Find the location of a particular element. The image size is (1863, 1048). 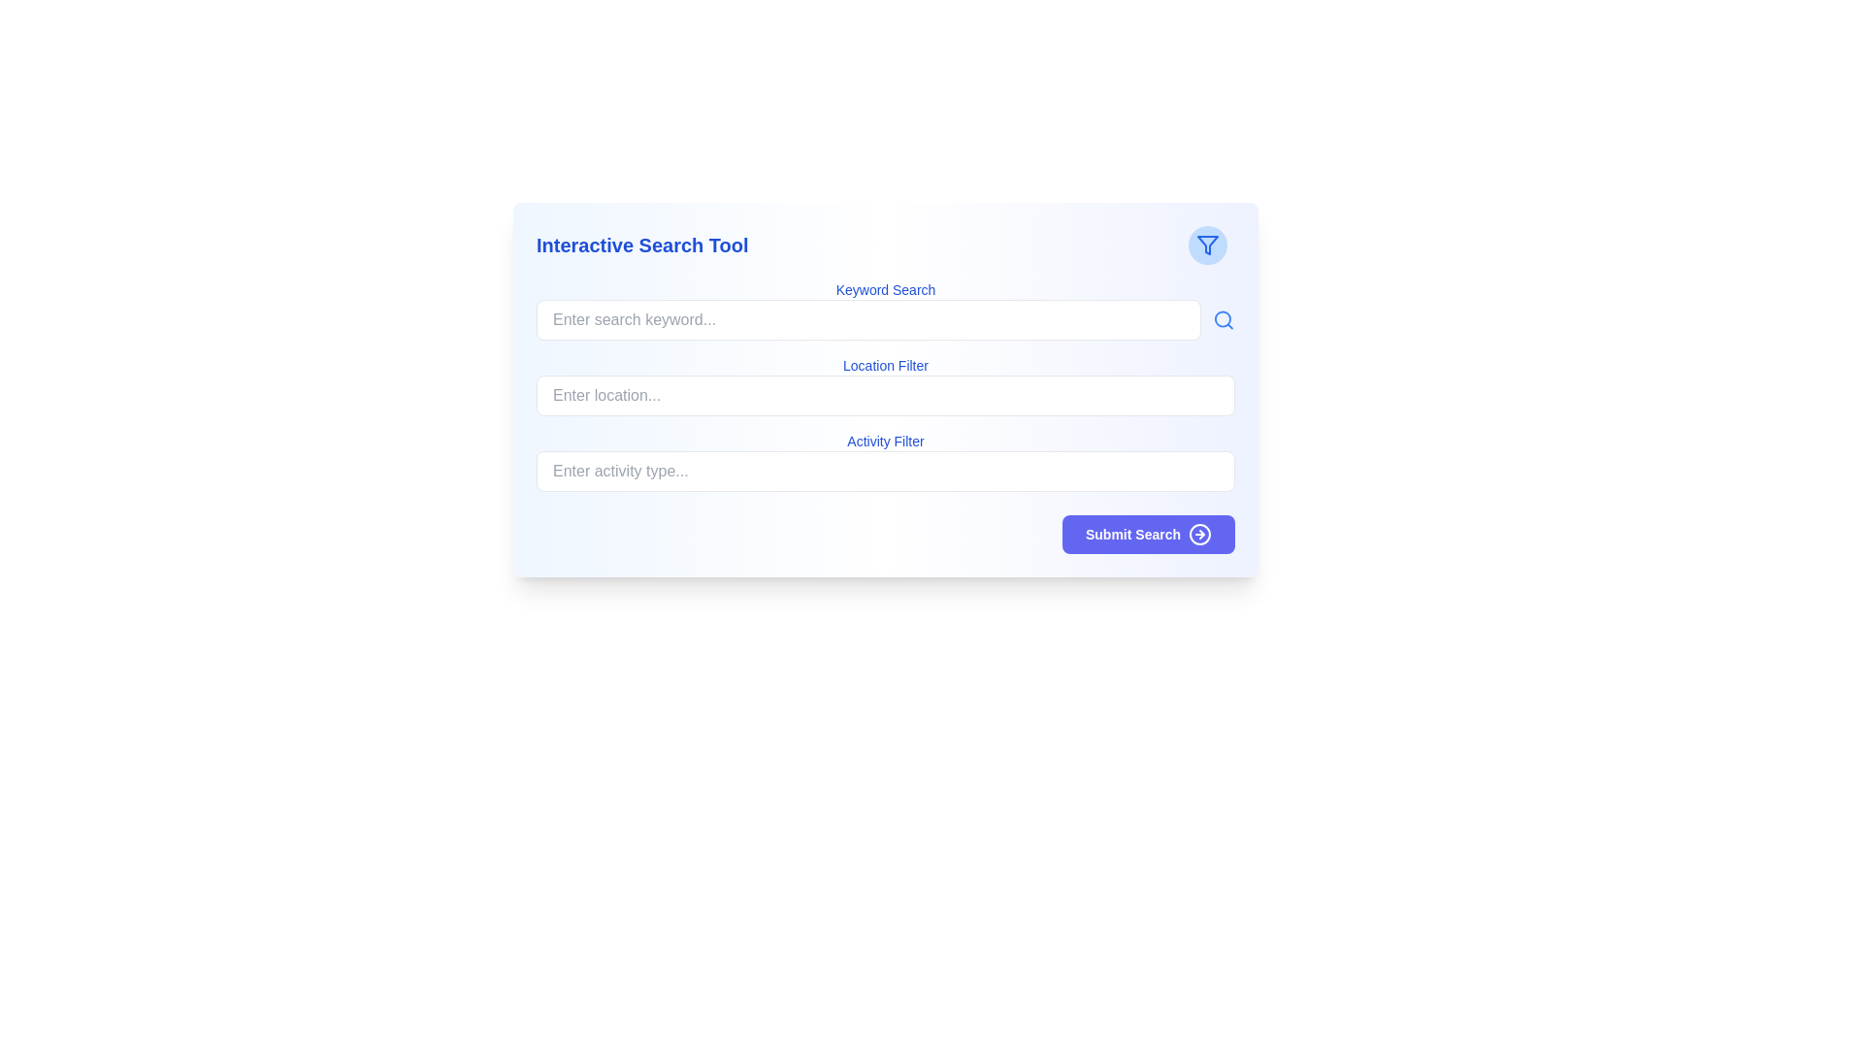

the 'Submit Search' button located in the lower right corner of the search filters card, which has a blue background and white text is located at coordinates (1149, 535).